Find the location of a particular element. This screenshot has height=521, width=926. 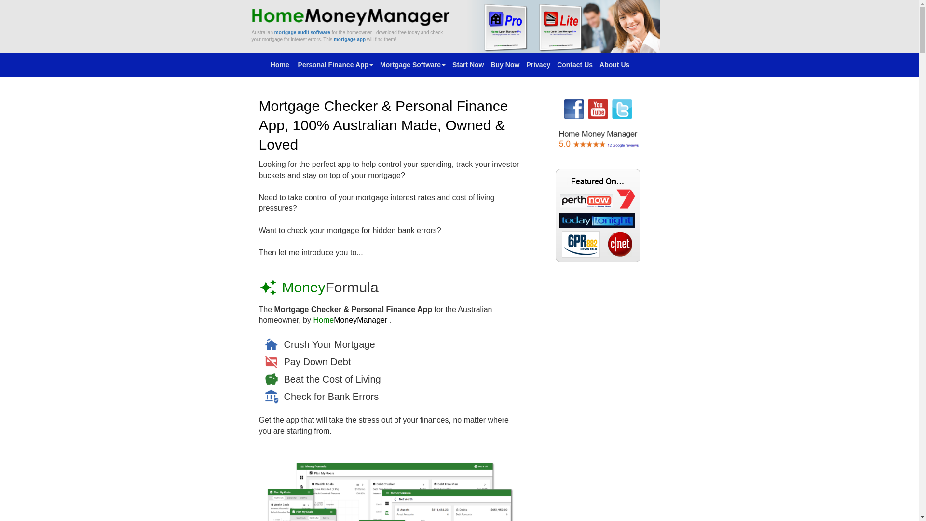

'Home ' is located at coordinates (280, 65).